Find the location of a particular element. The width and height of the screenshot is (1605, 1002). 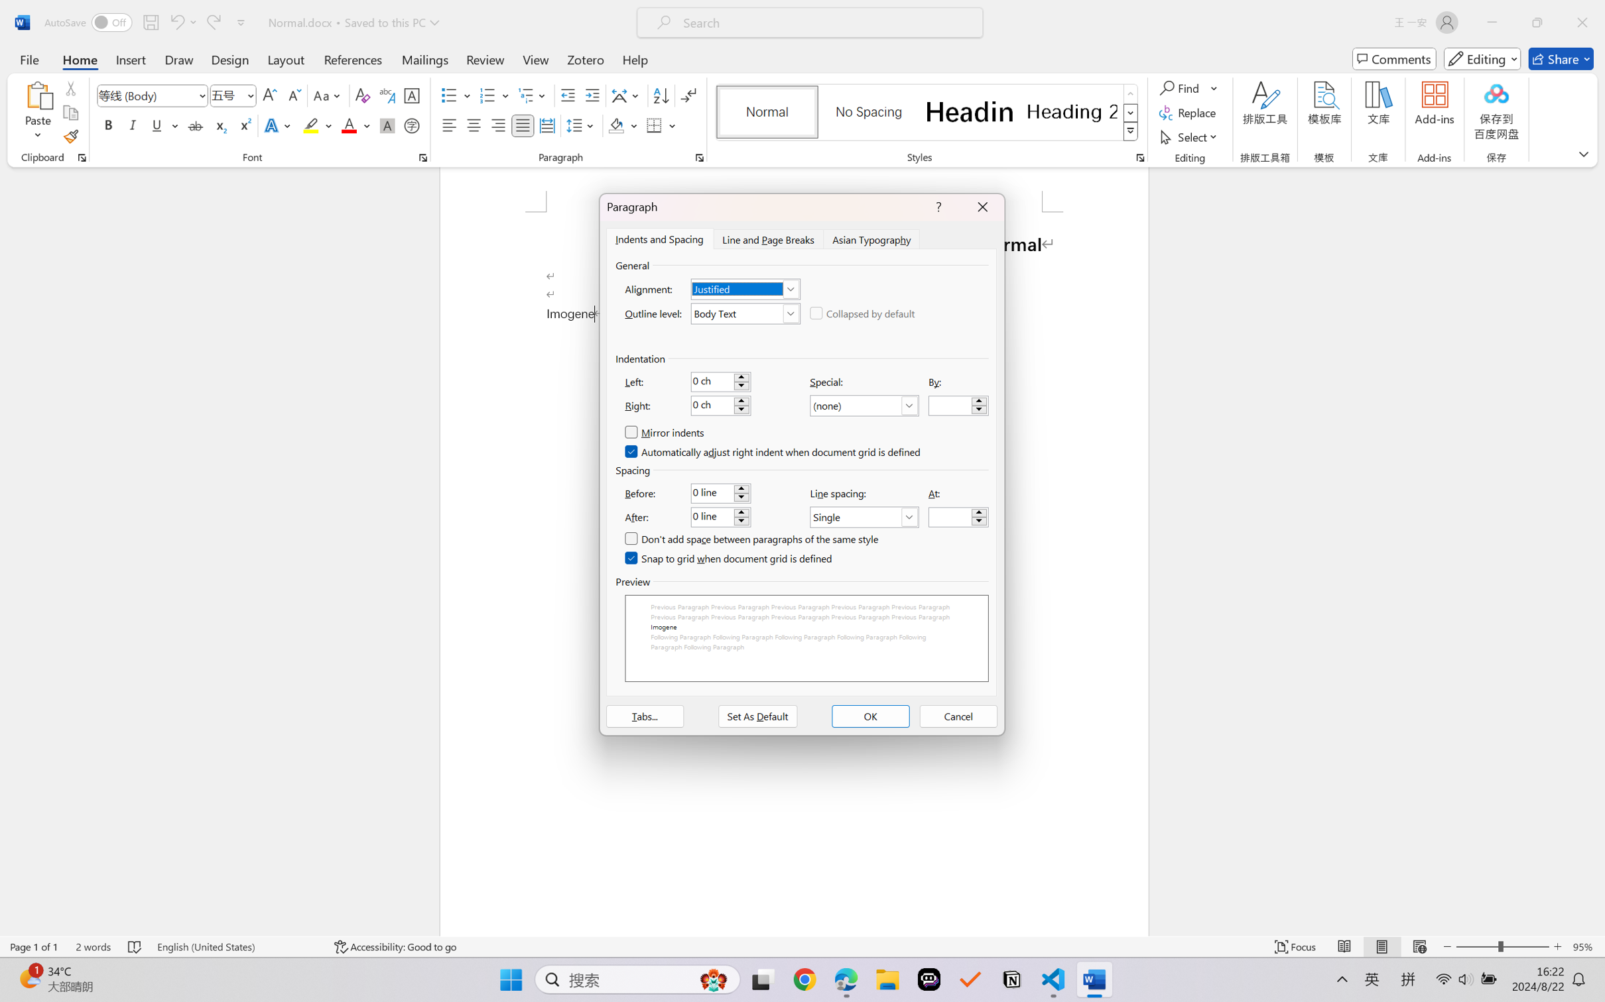

'Row up' is located at coordinates (1129, 93).